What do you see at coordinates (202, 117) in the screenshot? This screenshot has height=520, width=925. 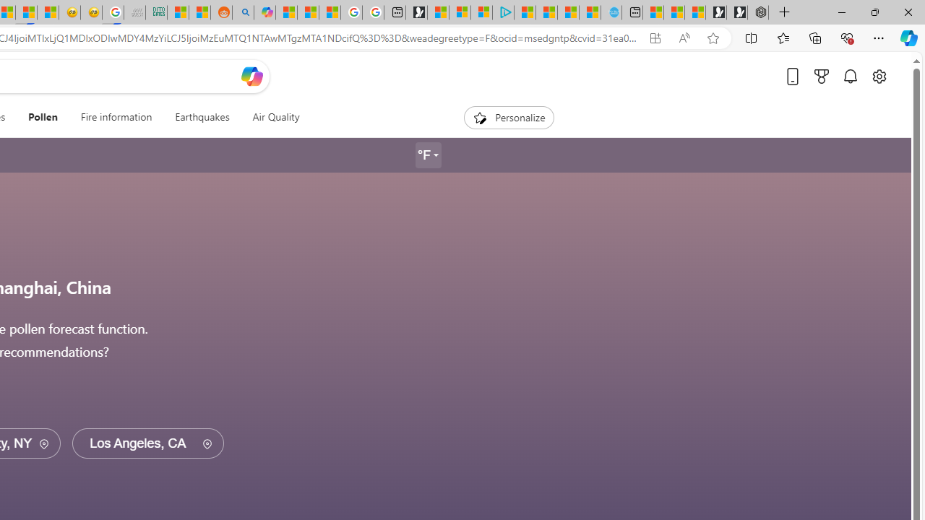 I see `'Earthquakes'` at bounding box center [202, 117].